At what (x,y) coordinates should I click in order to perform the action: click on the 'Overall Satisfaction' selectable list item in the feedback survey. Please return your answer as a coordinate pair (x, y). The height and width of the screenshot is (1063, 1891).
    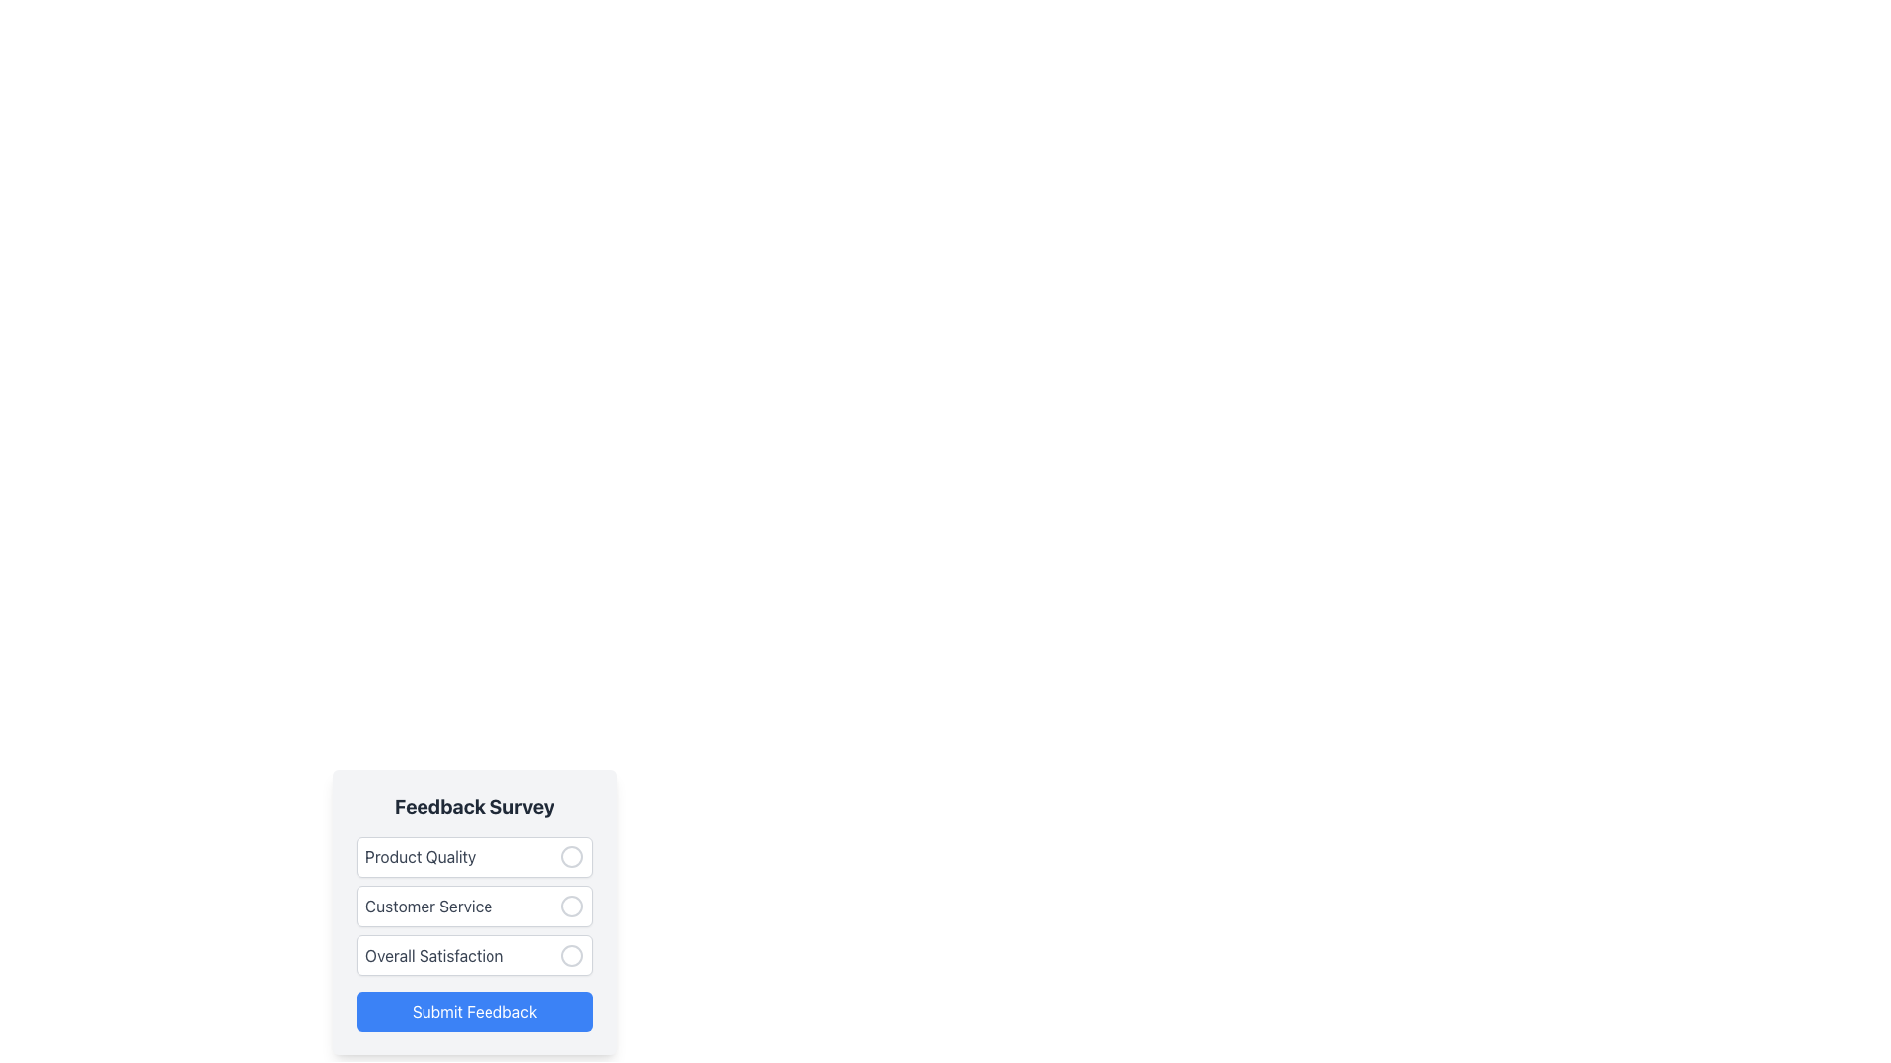
    Looking at the image, I should click on (474, 955).